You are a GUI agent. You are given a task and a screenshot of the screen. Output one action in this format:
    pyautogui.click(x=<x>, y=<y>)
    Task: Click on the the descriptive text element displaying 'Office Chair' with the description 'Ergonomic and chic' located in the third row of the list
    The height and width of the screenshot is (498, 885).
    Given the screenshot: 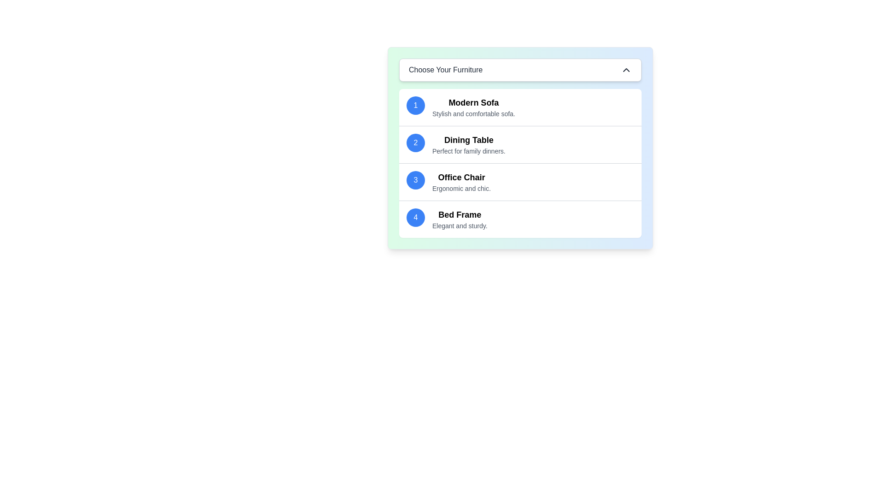 What is the action you would take?
    pyautogui.click(x=461, y=182)
    